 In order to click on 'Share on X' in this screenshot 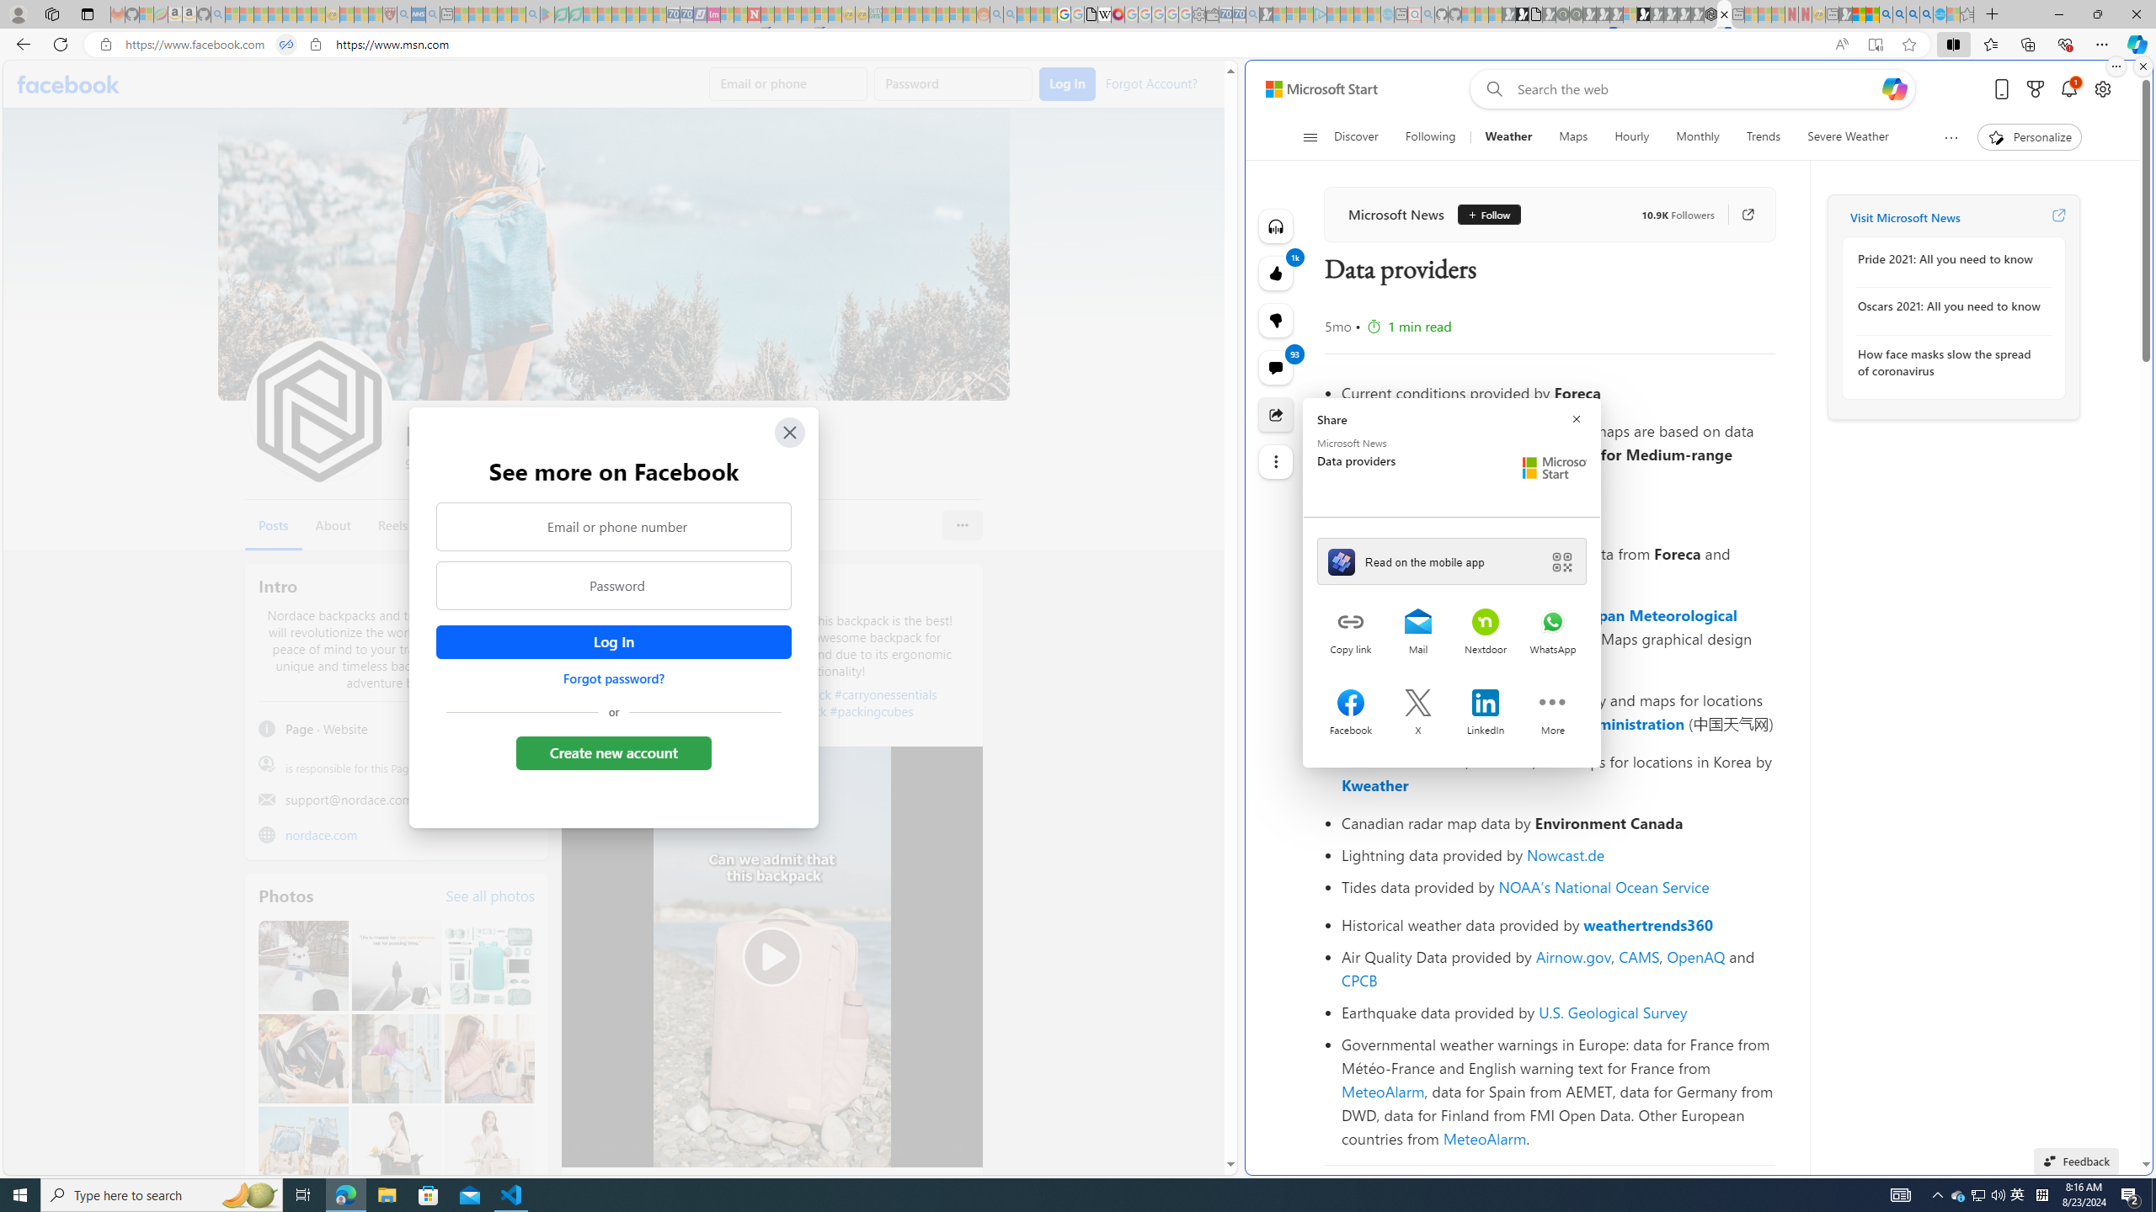, I will do `click(1417, 704)`.